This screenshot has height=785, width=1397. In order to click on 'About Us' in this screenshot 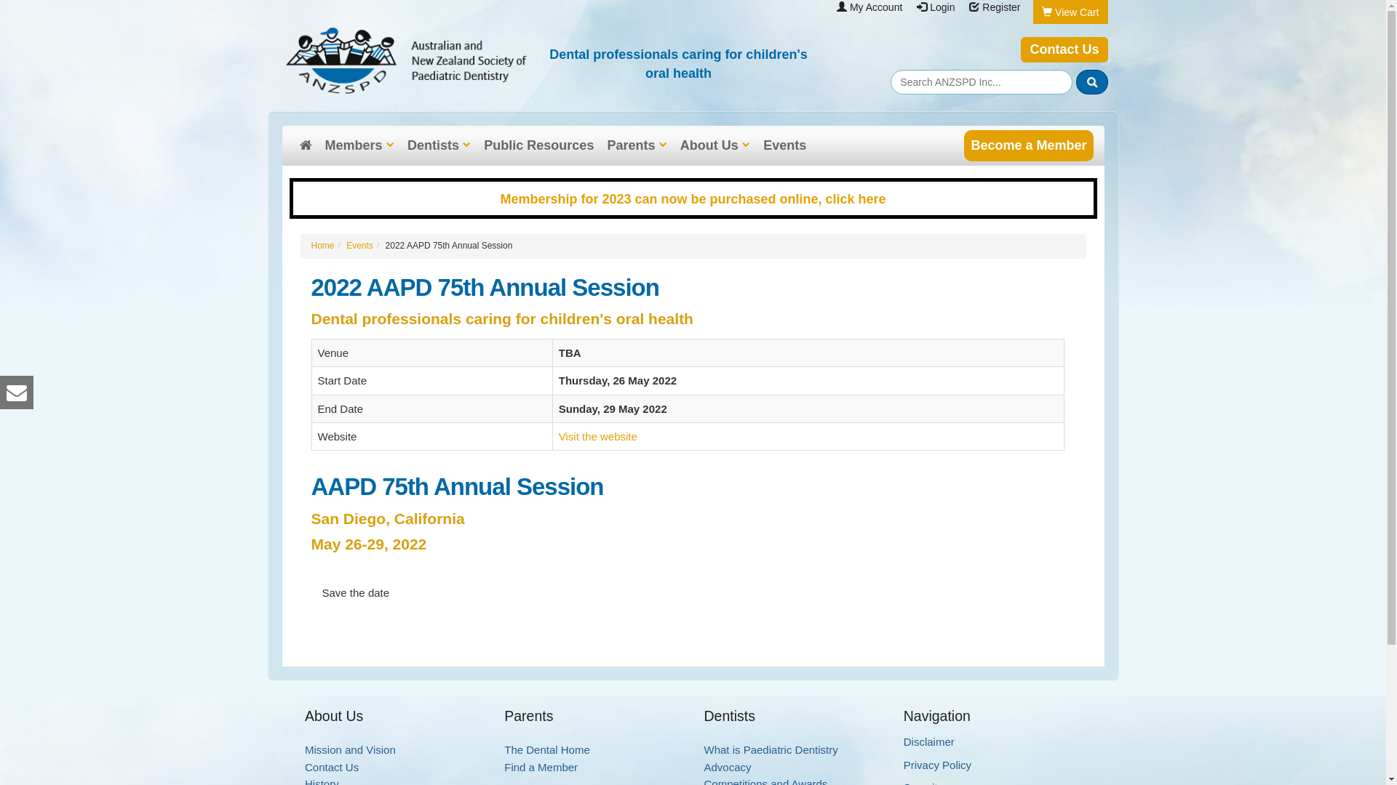, I will do `click(715, 145)`.